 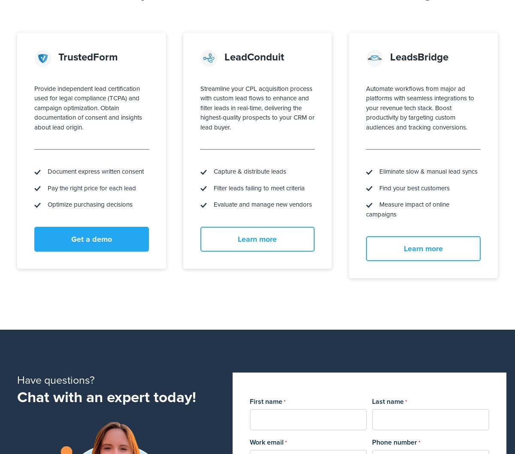 I want to click on 'Document express written consent', so click(x=92, y=171).